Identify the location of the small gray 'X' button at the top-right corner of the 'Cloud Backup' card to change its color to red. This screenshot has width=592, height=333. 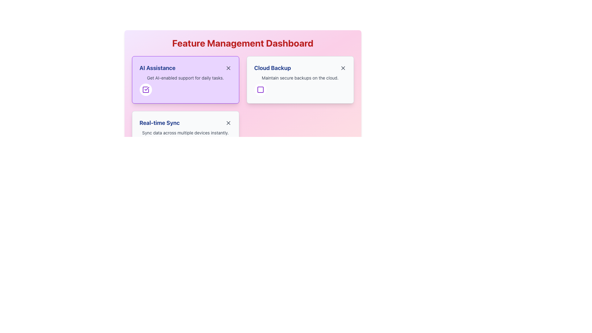
(343, 68).